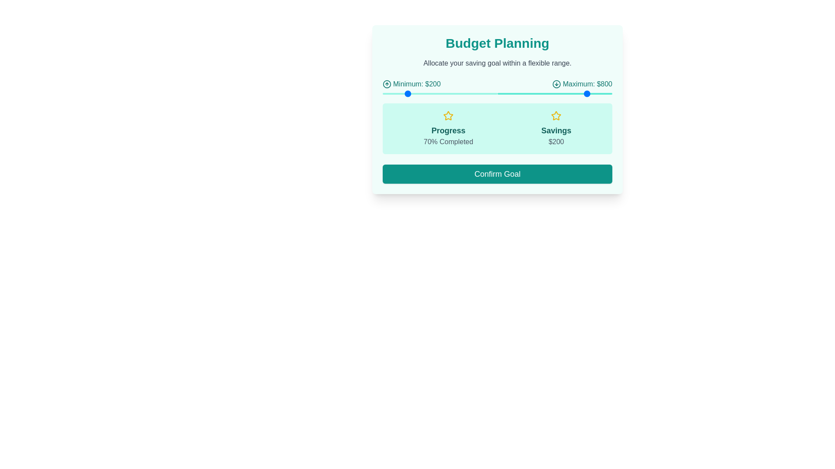 Image resolution: width=835 pixels, height=469 pixels. I want to click on the icon that represents an increase or minimum value, located to the left of the 'Minimum: $200' text within the 'Budget Planning' section, so click(386, 84).